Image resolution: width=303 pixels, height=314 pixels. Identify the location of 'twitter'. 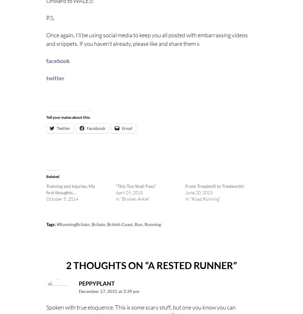
(46, 78).